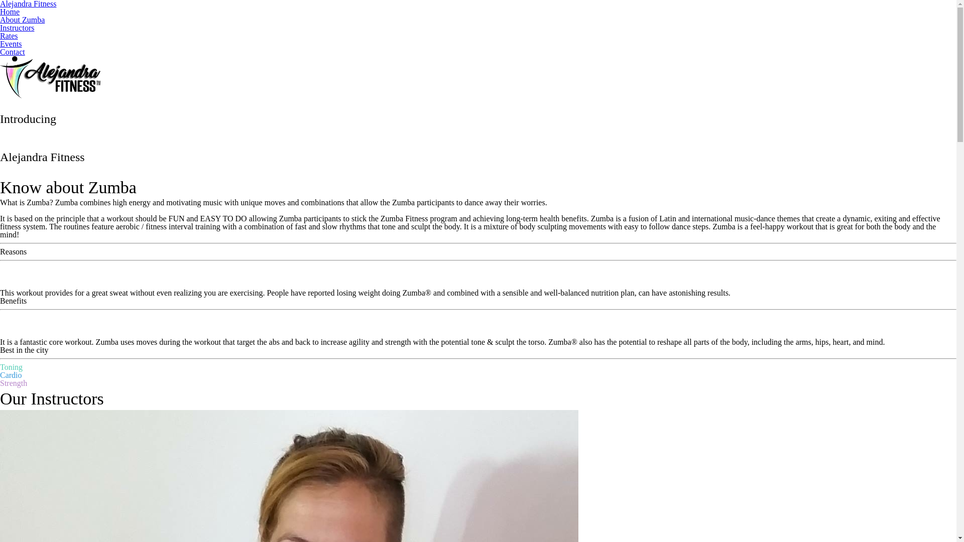 The height and width of the screenshot is (542, 964). I want to click on 'Home', so click(0, 12).